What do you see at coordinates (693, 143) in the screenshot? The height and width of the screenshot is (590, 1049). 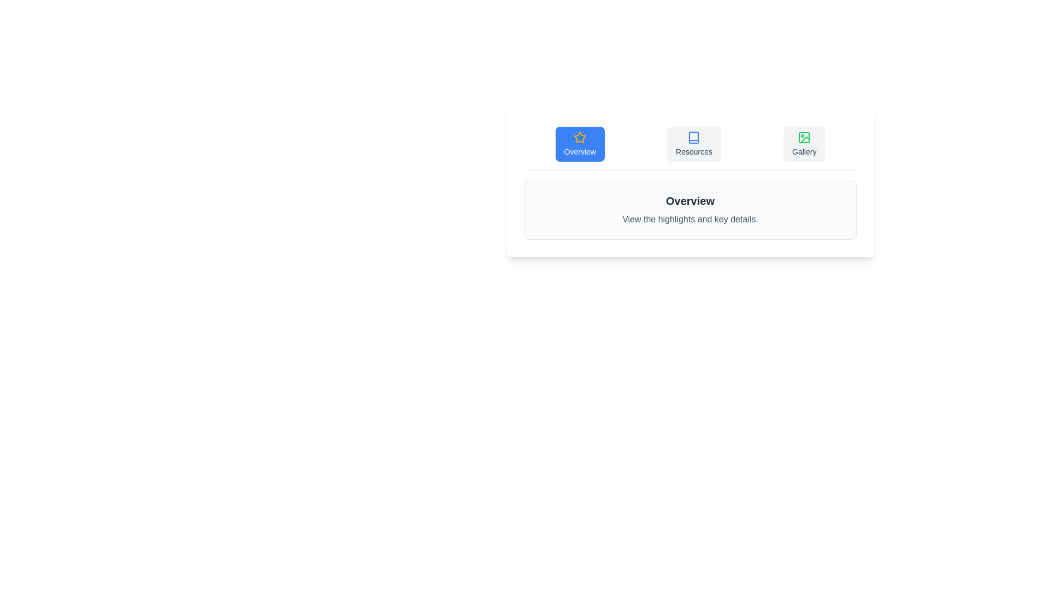 I see `the tab labeled Resources to preview its hover effect` at bounding box center [693, 143].